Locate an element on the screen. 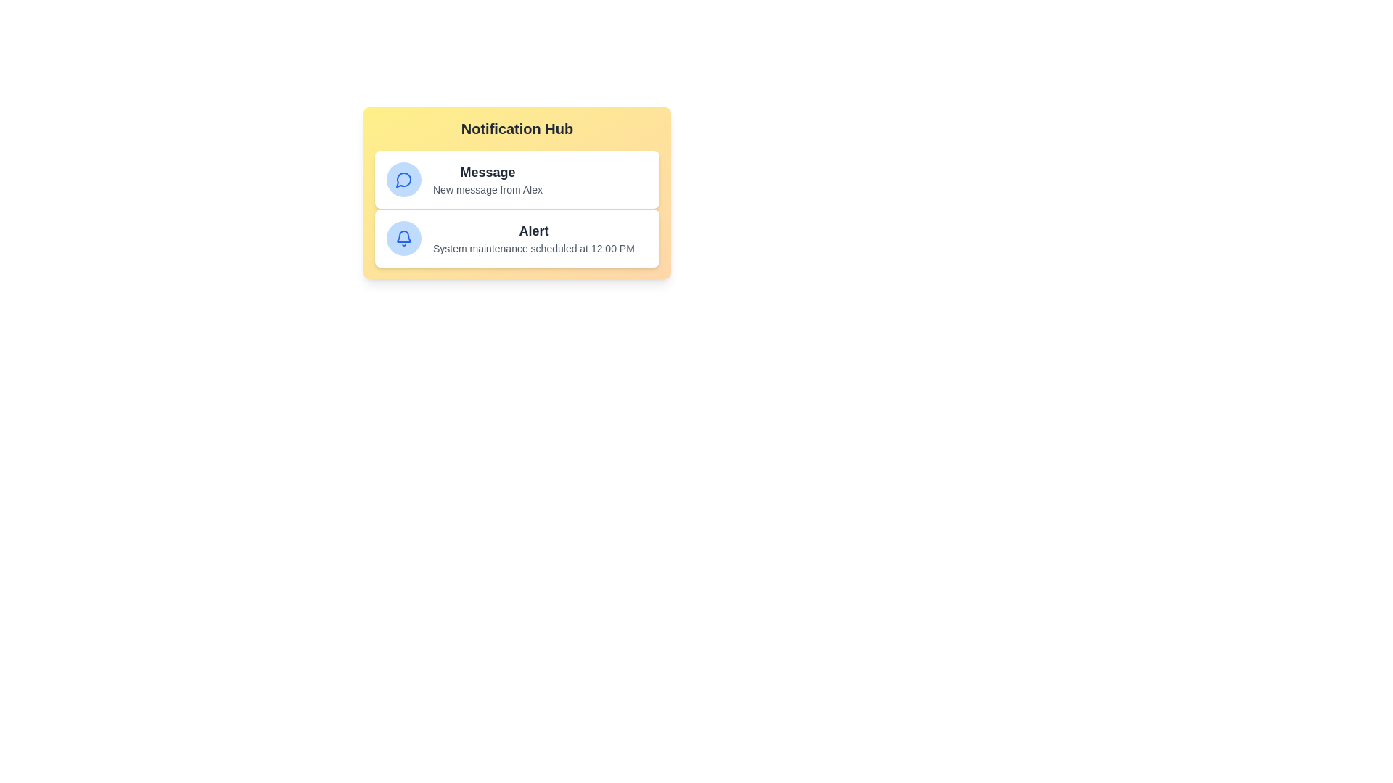 The image size is (1393, 783). the icon of the Message notification is located at coordinates (403, 178).